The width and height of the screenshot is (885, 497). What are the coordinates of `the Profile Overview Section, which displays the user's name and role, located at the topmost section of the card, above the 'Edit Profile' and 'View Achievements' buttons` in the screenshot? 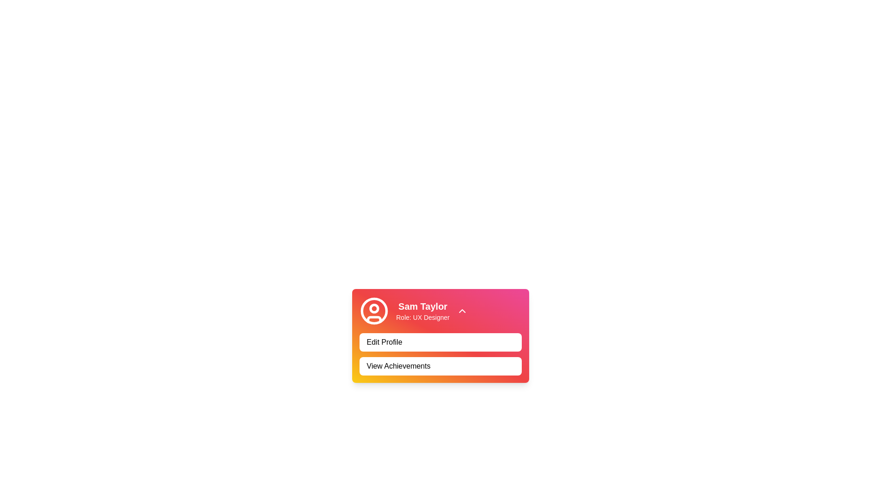 It's located at (440, 311).